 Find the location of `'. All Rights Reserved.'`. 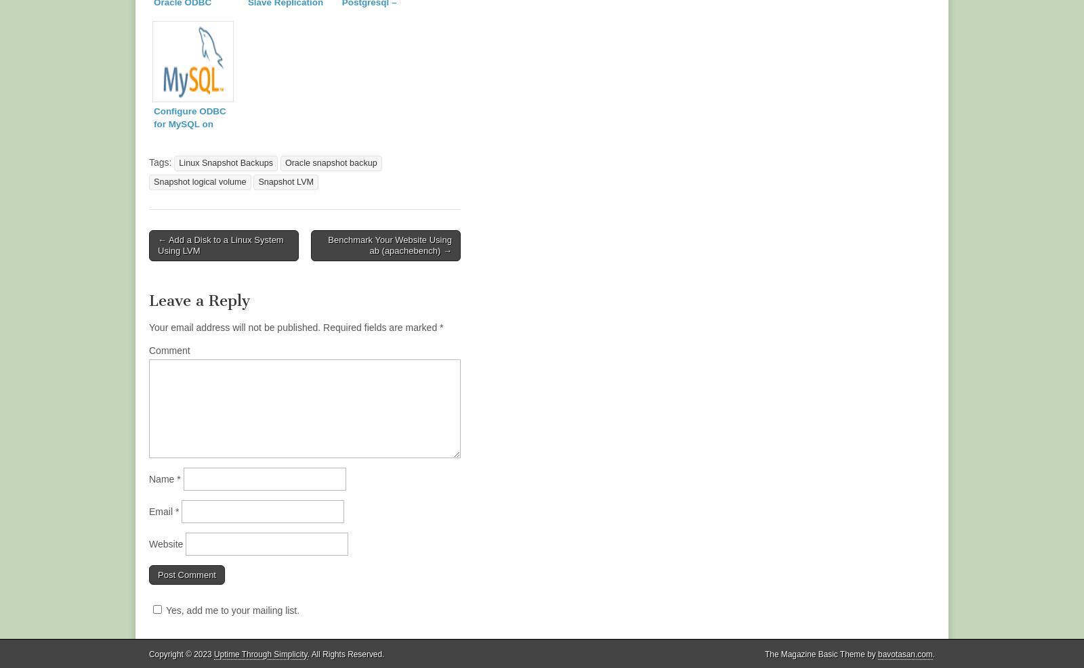

'. All Rights Reserved.' is located at coordinates (306, 653).